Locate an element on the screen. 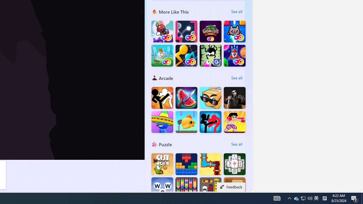 The height and width of the screenshot is (204, 363). 'Feedback' is located at coordinates (231, 187).